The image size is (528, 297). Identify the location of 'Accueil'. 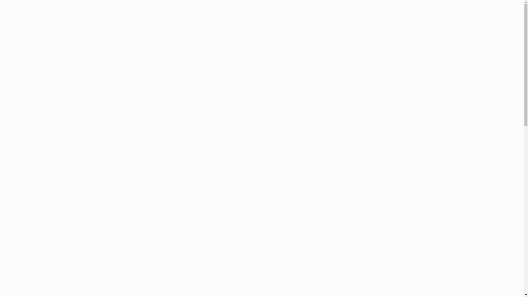
(241, 16).